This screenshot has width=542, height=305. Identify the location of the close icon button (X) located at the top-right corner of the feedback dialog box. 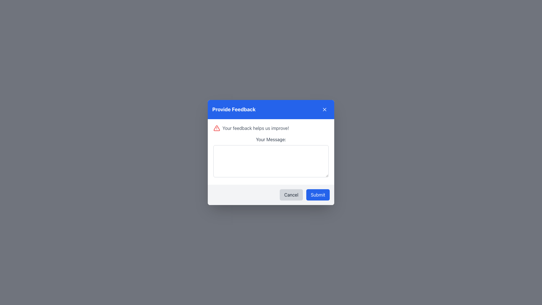
(325, 110).